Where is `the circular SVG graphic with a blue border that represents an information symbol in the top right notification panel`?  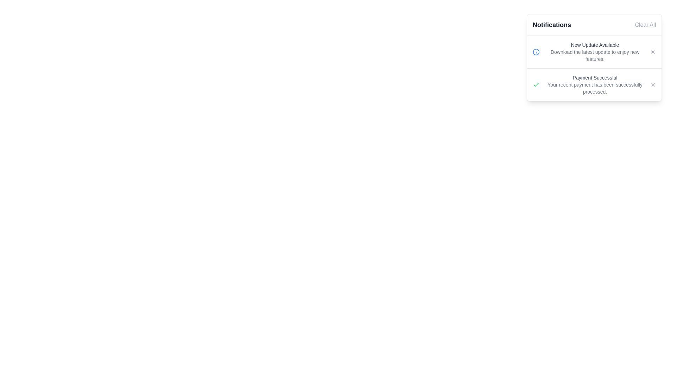
the circular SVG graphic with a blue border that represents an information symbol in the top right notification panel is located at coordinates (536, 51).